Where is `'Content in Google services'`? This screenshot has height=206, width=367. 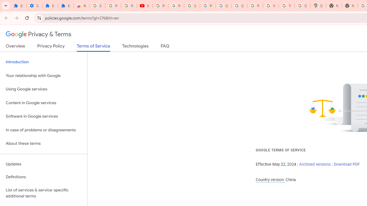 'Content in Google services' is located at coordinates (43, 102).